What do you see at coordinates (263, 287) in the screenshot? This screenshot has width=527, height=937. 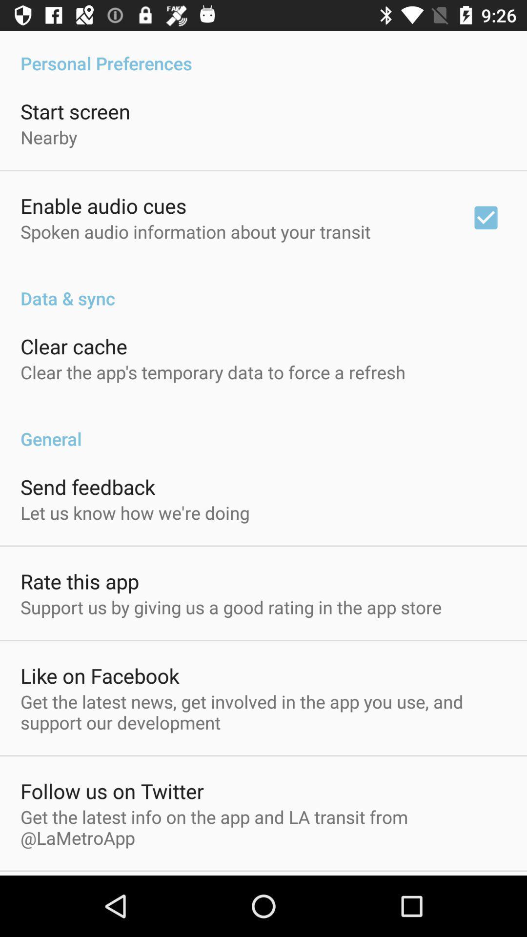 I see `data & sync app` at bounding box center [263, 287].